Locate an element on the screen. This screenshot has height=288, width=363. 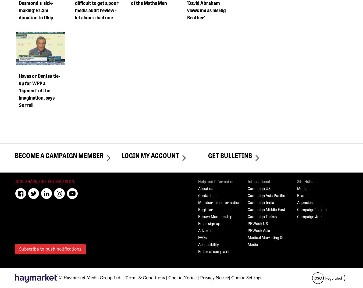
'Media' is located at coordinates (302, 188).